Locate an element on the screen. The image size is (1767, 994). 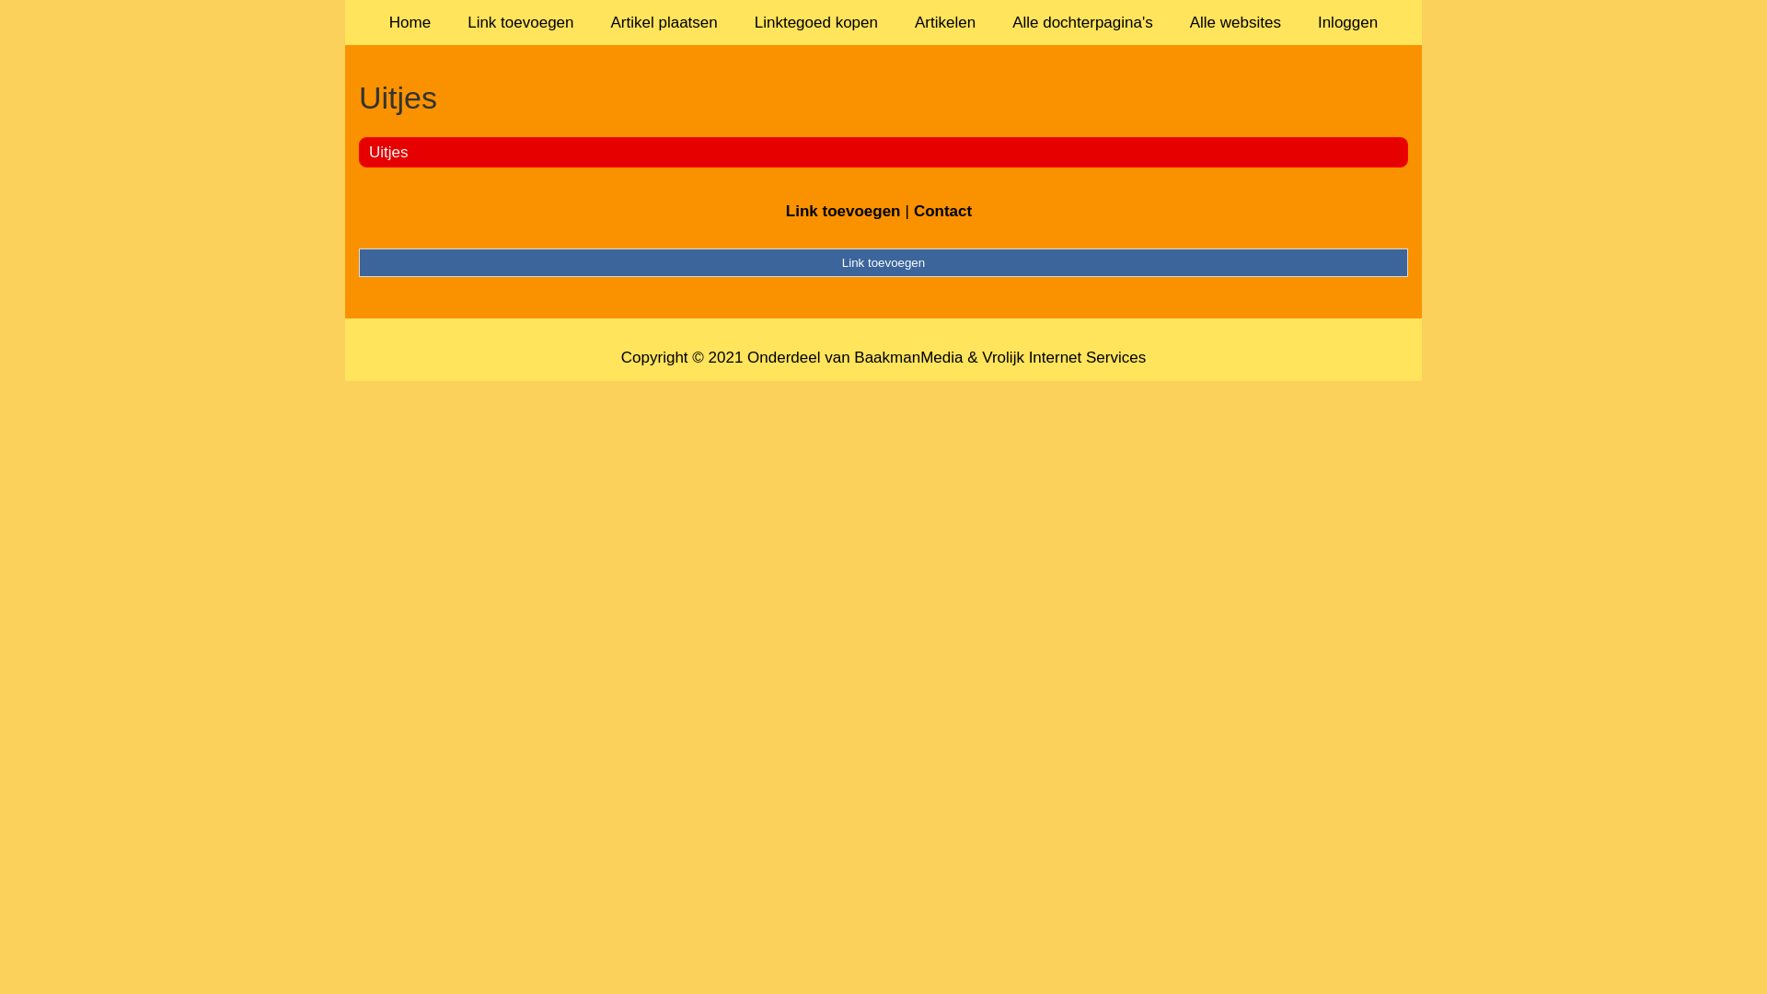
'Artikelen' is located at coordinates (896, 22).